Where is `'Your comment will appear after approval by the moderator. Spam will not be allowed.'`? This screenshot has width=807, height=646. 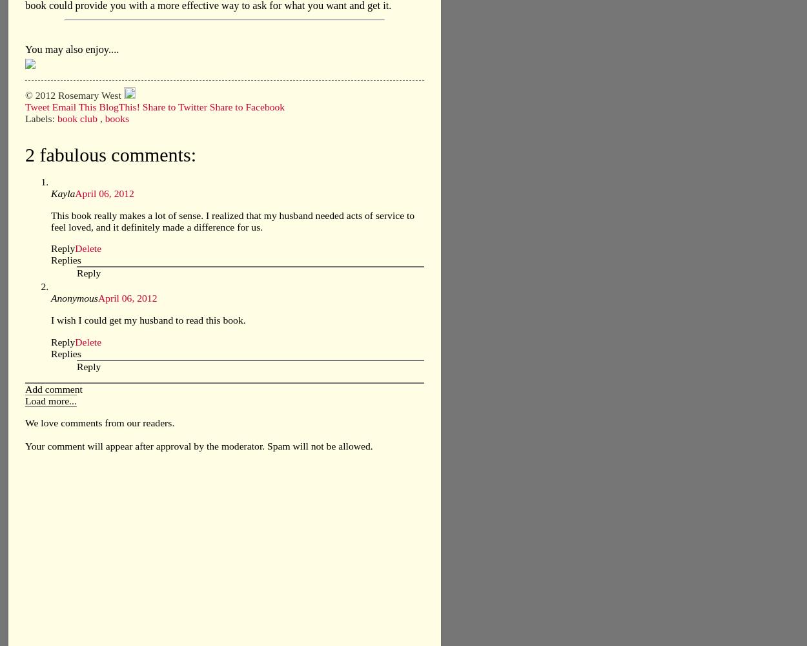
'Your comment will appear after approval by the moderator. Spam will not be allowed.' is located at coordinates (199, 444).